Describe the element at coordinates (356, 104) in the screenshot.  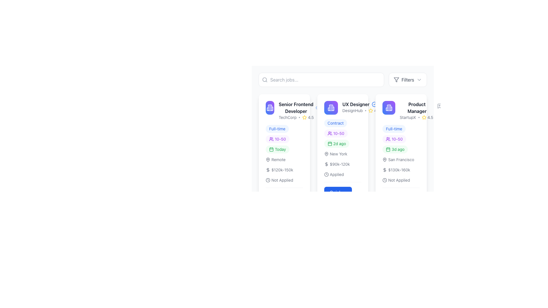
I see `the Text Label that serves as a job title, located near the top of the card in the center column, to the left of a badge icon` at that location.